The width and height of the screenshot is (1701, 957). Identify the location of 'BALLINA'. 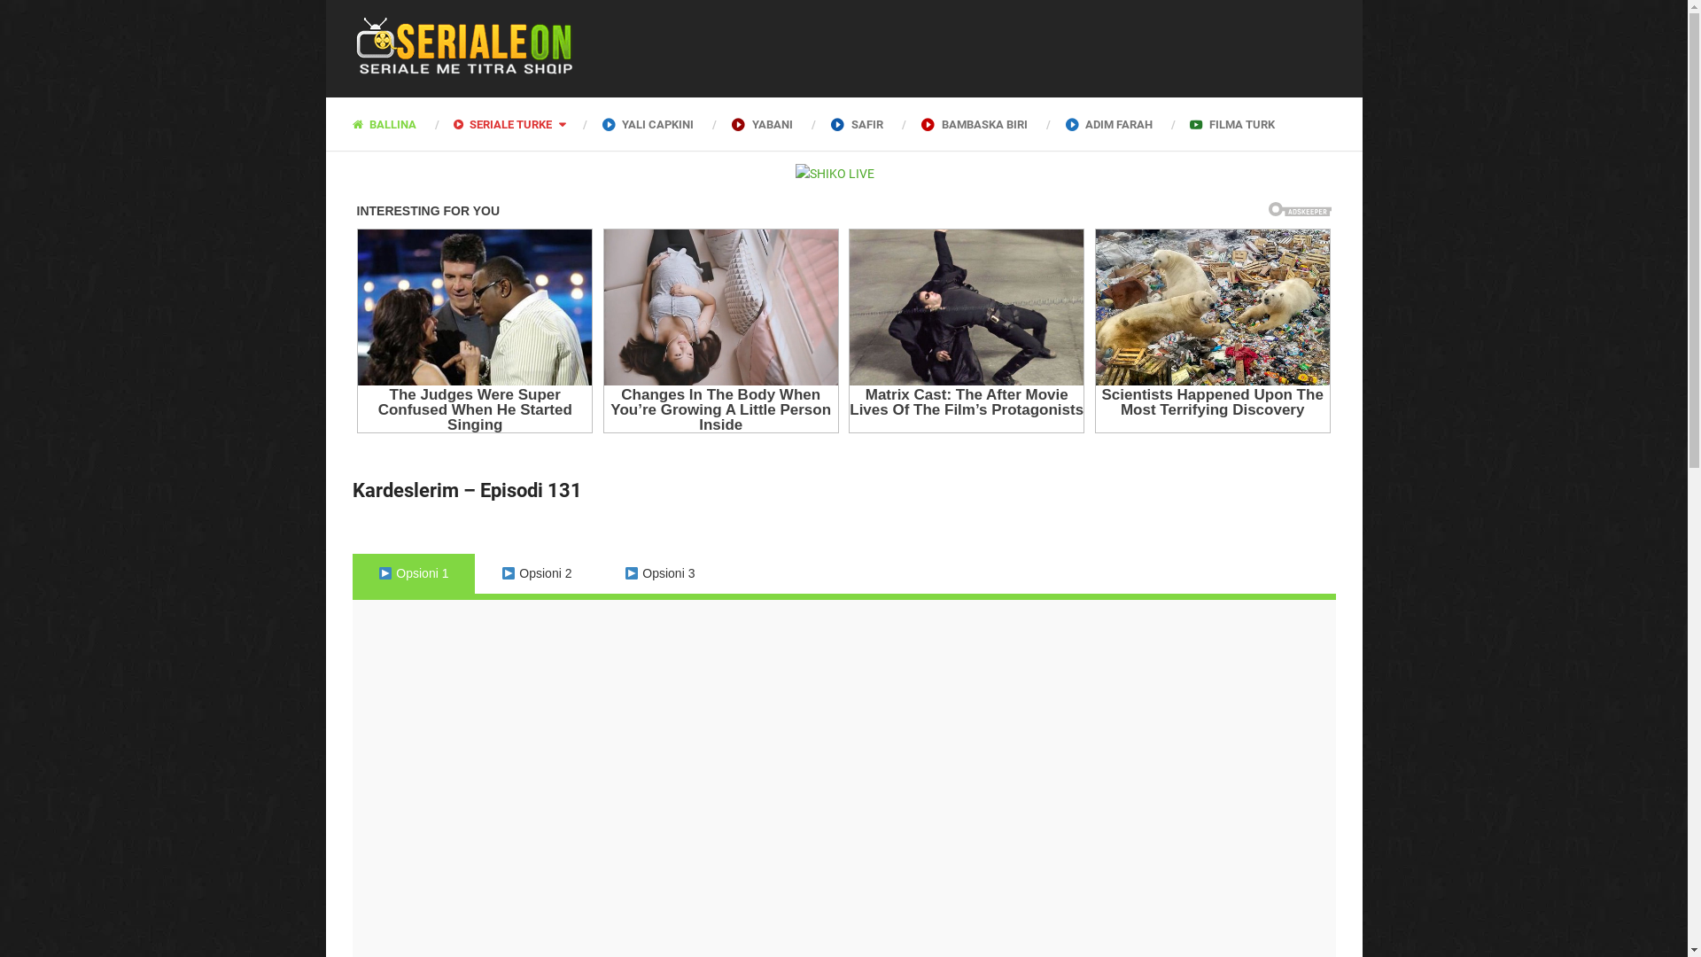
(392, 122).